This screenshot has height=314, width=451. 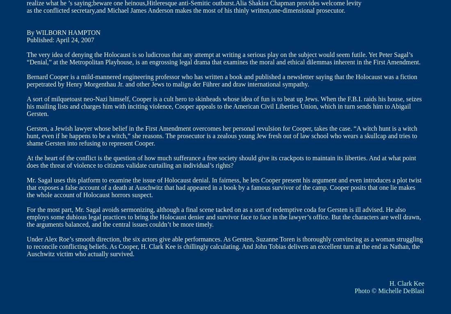 What do you see at coordinates (63, 32) in the screenshot?
I see `'By WILBORN HAMPTON'` at bounding box center [63, 32].